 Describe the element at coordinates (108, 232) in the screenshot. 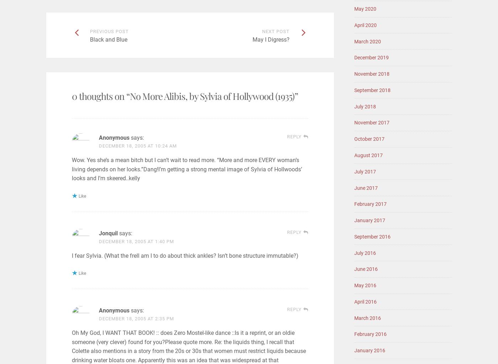

I see `'Jonquil'` at that location.